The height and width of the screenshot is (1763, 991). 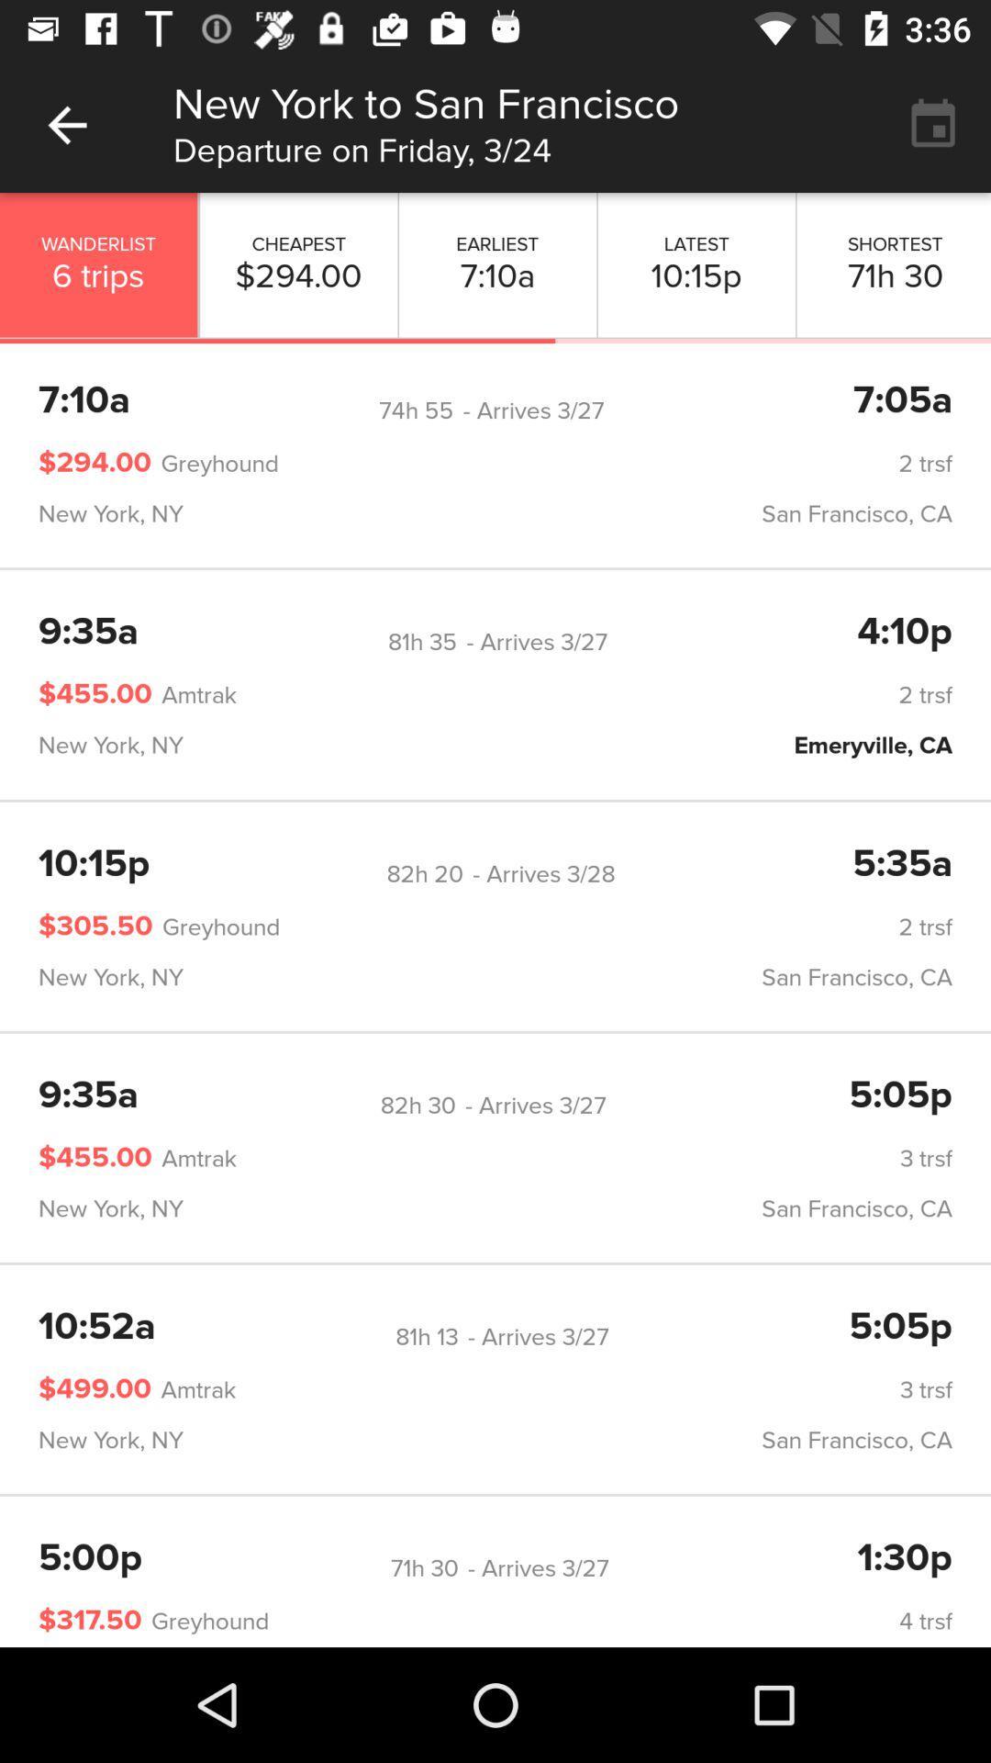 I want to click on back button, so click(x=66, y=124).